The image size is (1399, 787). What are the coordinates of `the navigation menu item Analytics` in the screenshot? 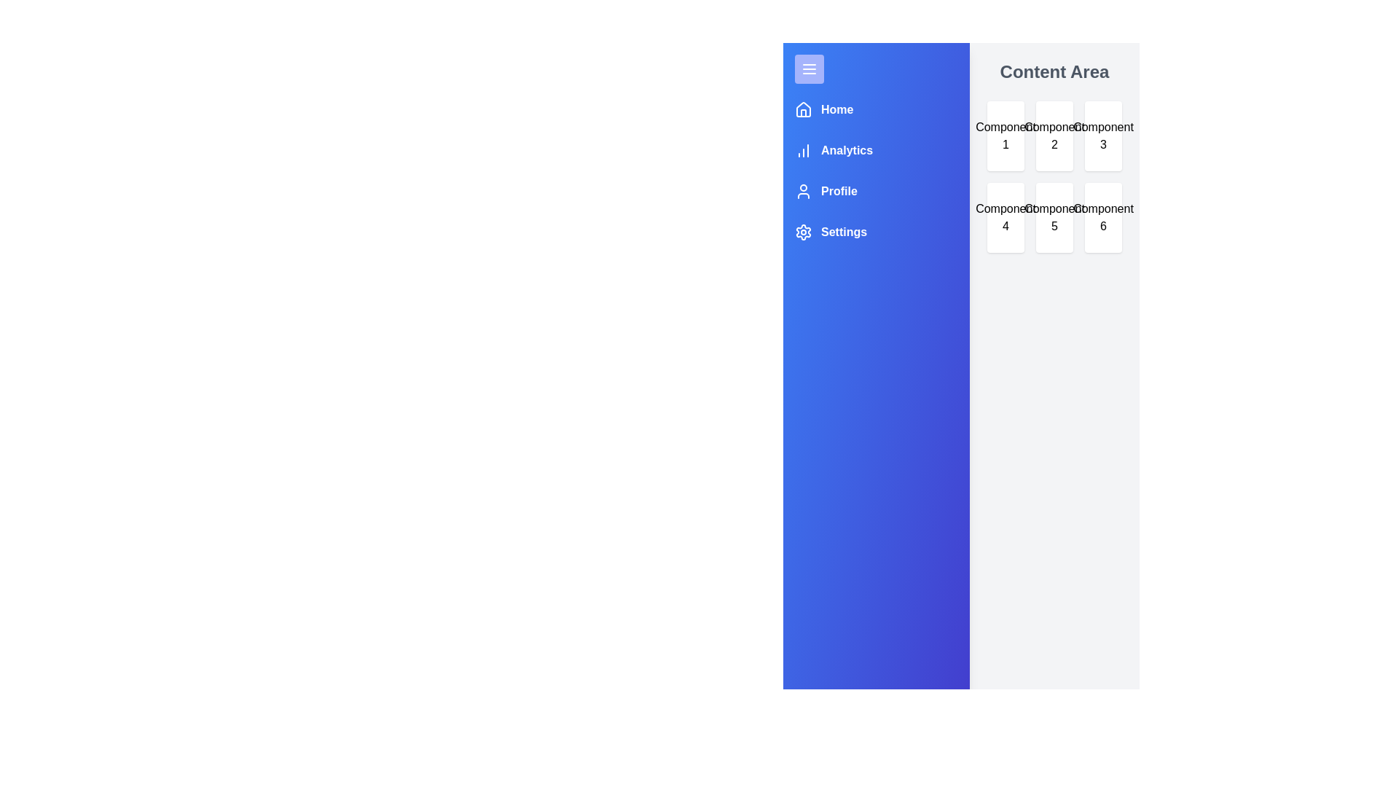 It's located at (834, 151).